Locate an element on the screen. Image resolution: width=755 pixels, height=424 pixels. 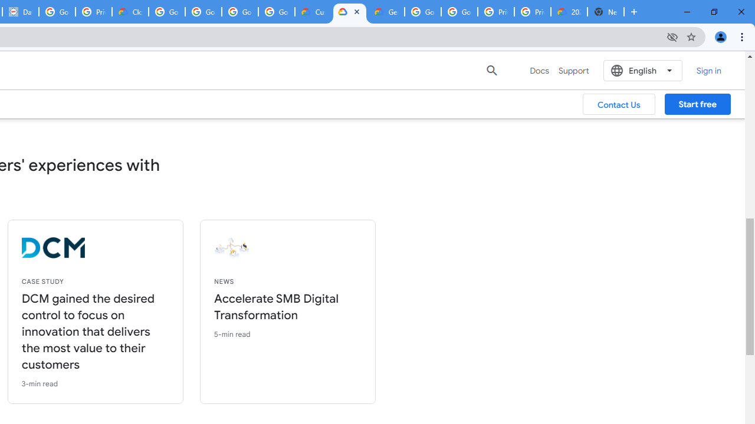
'Support' is located at coordinates (573, 70).